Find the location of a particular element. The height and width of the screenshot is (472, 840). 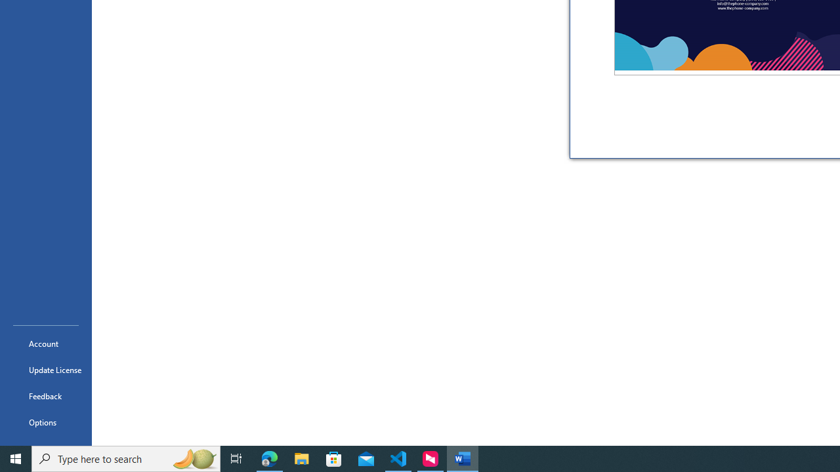

'Search highlights icon opens search home window' is located at coordinates (193, 458).